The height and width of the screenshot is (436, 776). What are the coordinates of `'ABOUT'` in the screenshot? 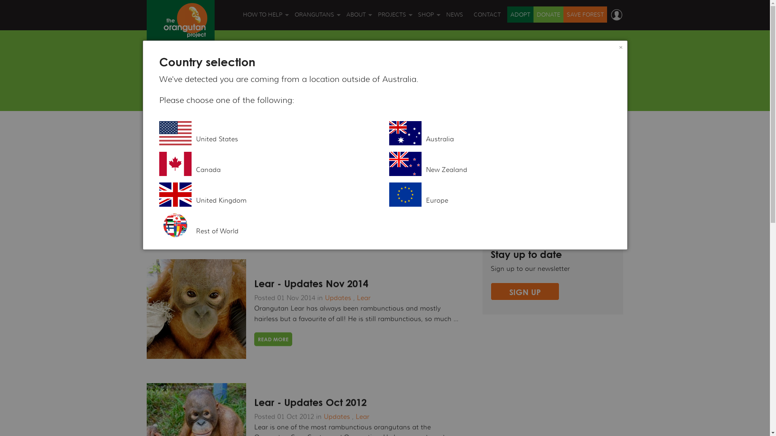 It's located at (358, 14).